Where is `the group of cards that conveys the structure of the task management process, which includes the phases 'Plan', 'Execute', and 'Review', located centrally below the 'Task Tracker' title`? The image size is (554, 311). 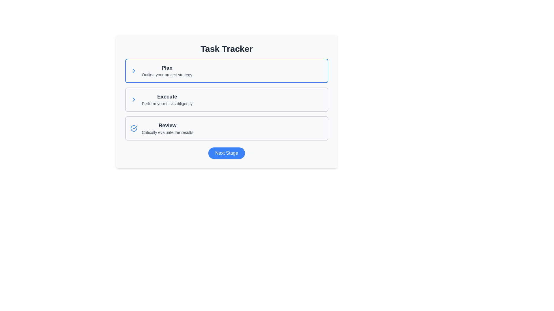
the group of cards that conveys the structure of the task management process, which includes the phases 'Plan', 'Execute', and 'Review', located centrally below the 'Task Tracker' title is located at coordinates (226, 99).